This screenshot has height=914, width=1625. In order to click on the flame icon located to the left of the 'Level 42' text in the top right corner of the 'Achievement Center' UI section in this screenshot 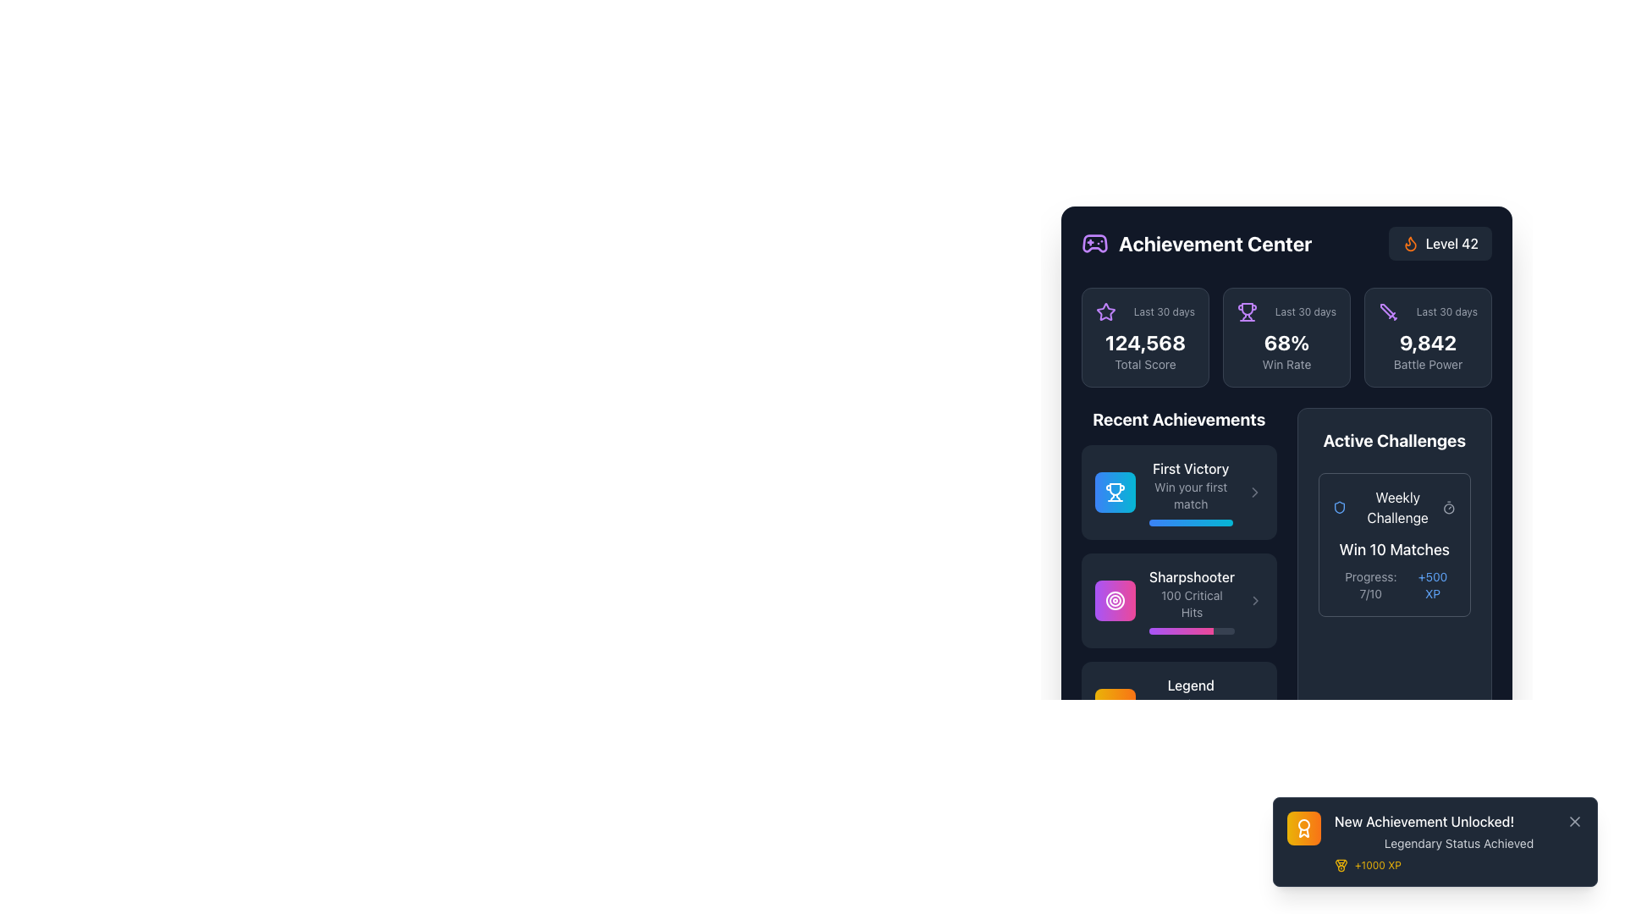, I will do `click(1410, 244)`.